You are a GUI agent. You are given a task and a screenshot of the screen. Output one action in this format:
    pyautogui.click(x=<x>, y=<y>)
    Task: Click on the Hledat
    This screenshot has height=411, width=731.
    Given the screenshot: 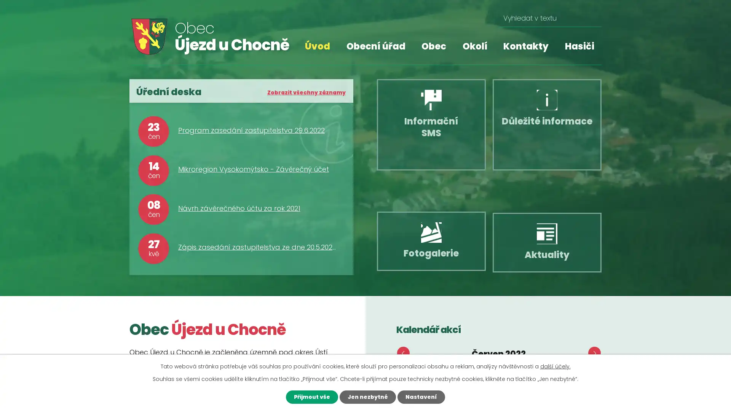 What is the action you would take?
    pyautogui.click(x=592, y=18)
    